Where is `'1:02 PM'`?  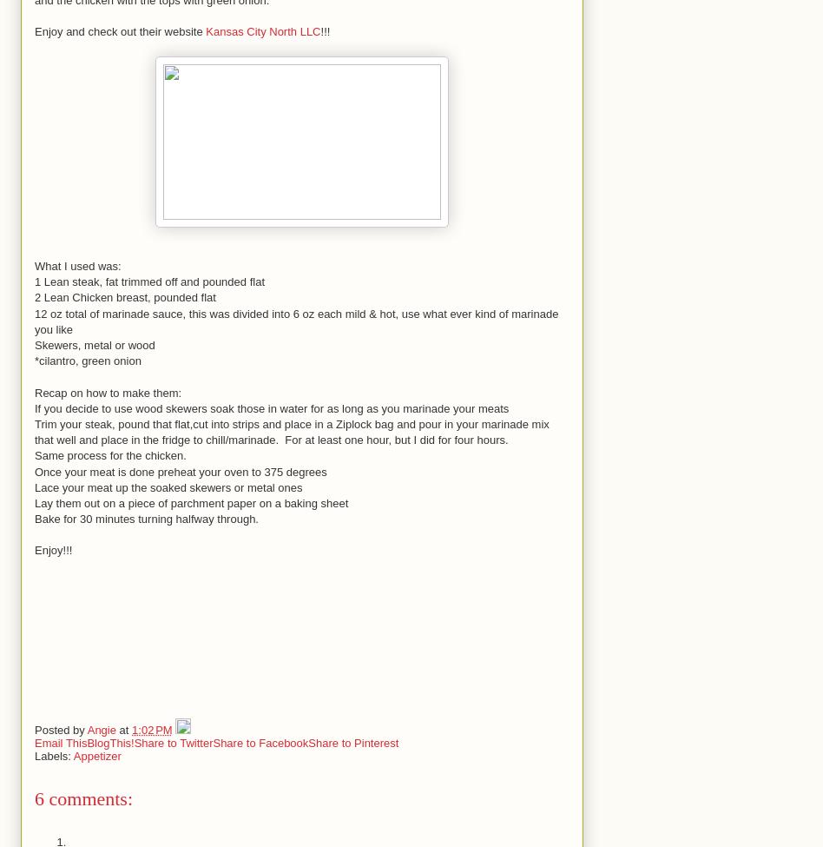 '1:02 PM' is located at coordinates (151, 729).